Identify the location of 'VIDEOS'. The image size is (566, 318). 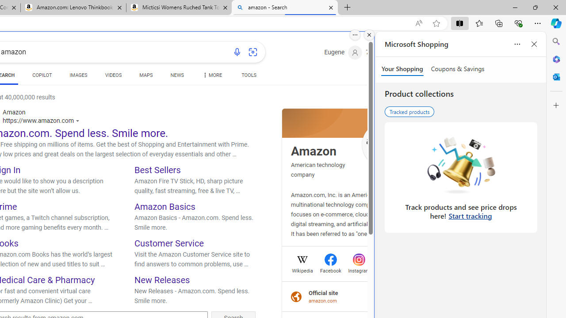
(113, 76).